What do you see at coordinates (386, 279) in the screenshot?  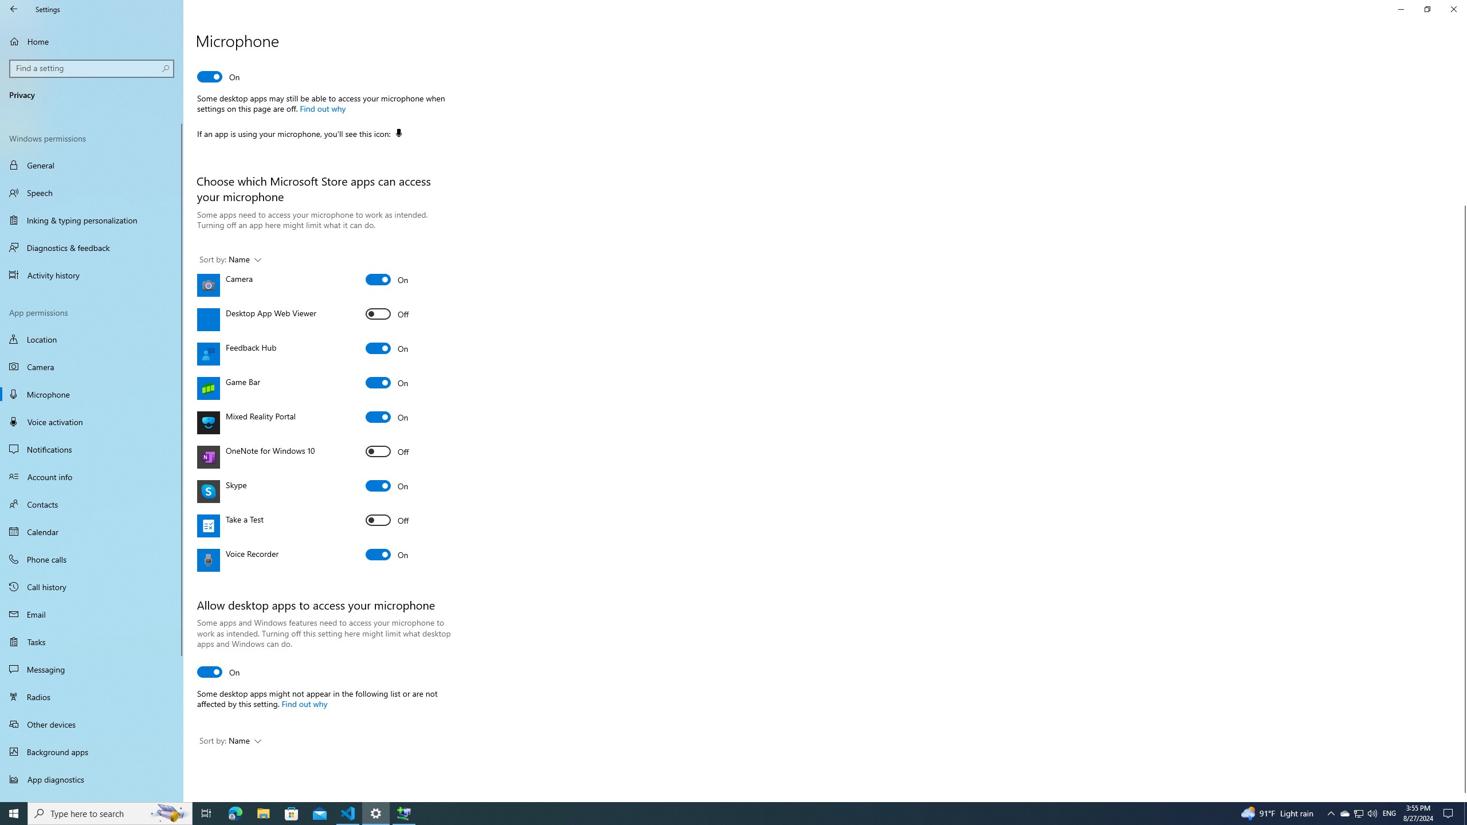 I see `'Camera'` at bounding box center [386, 279].